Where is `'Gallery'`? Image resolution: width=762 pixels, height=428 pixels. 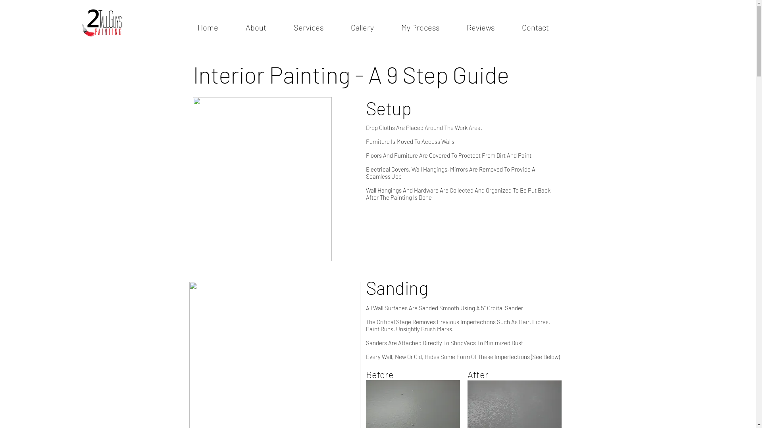
'Gallery' is located at coordinates (362, 27).